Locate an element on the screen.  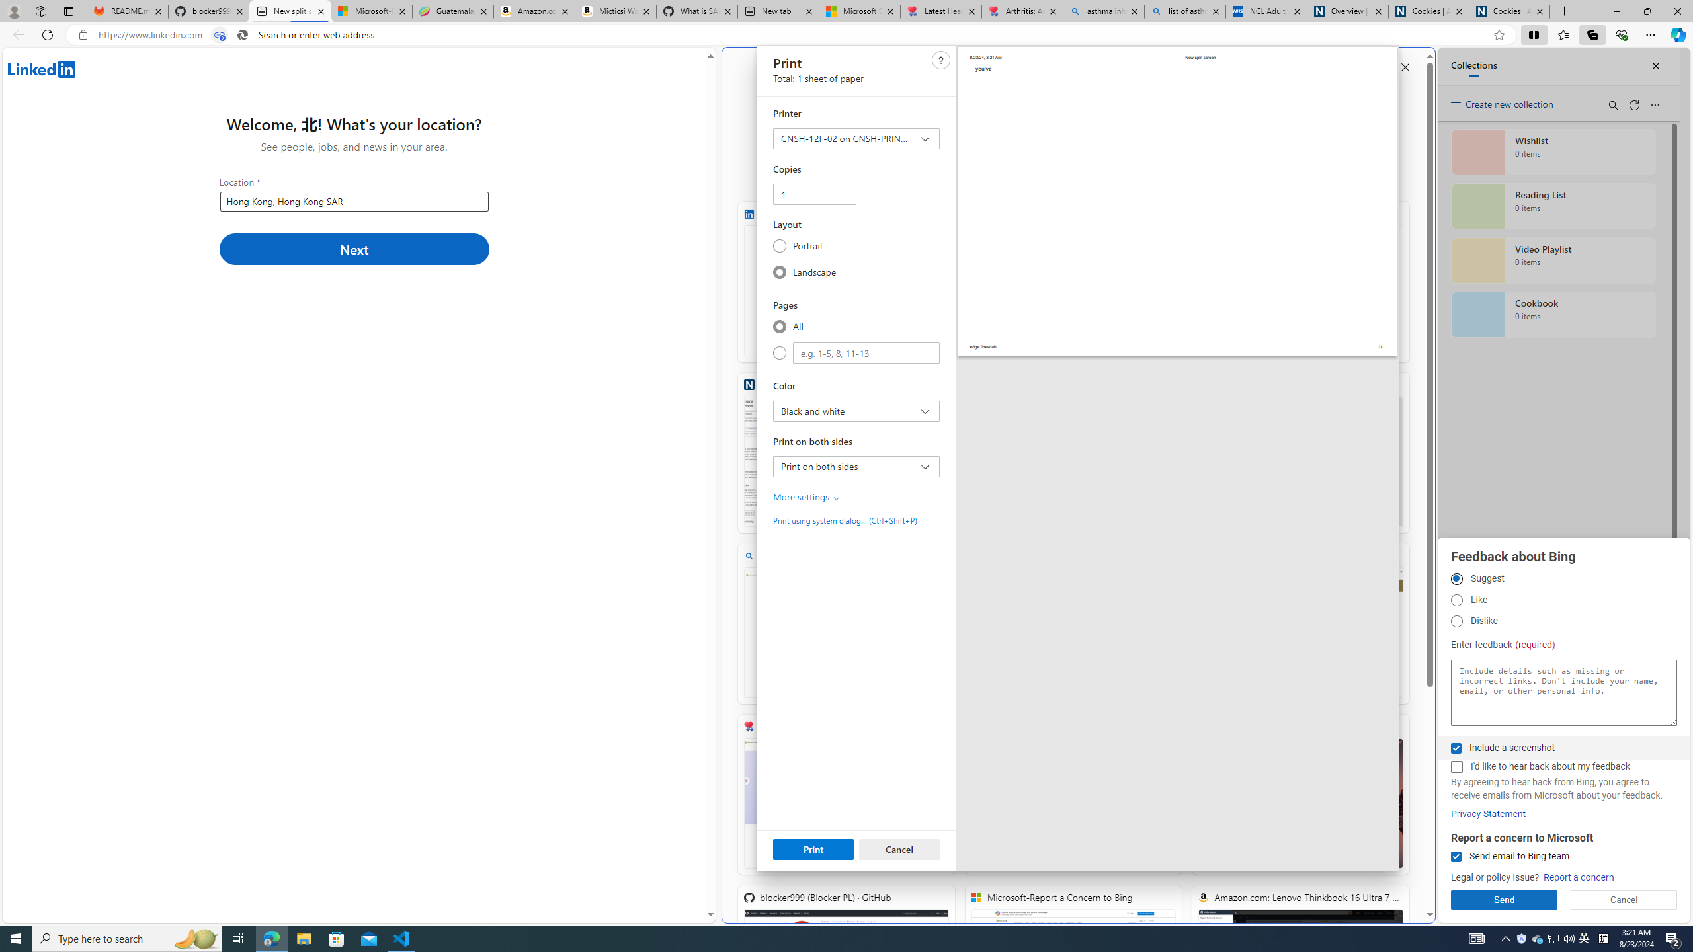
'Portrait' is located at coordinates (779, 245).